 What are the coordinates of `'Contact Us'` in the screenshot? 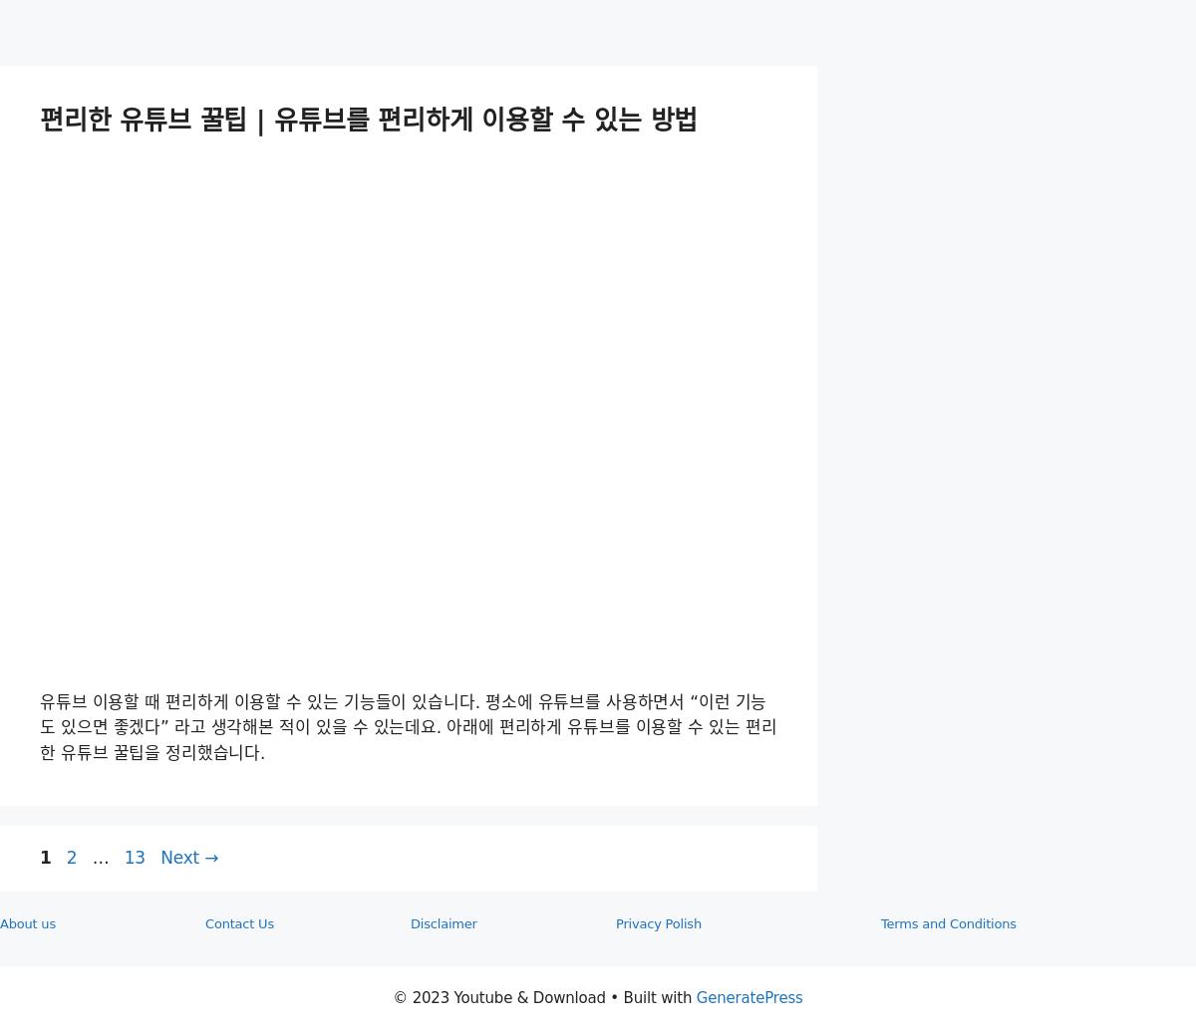 It's located at (238, 921).